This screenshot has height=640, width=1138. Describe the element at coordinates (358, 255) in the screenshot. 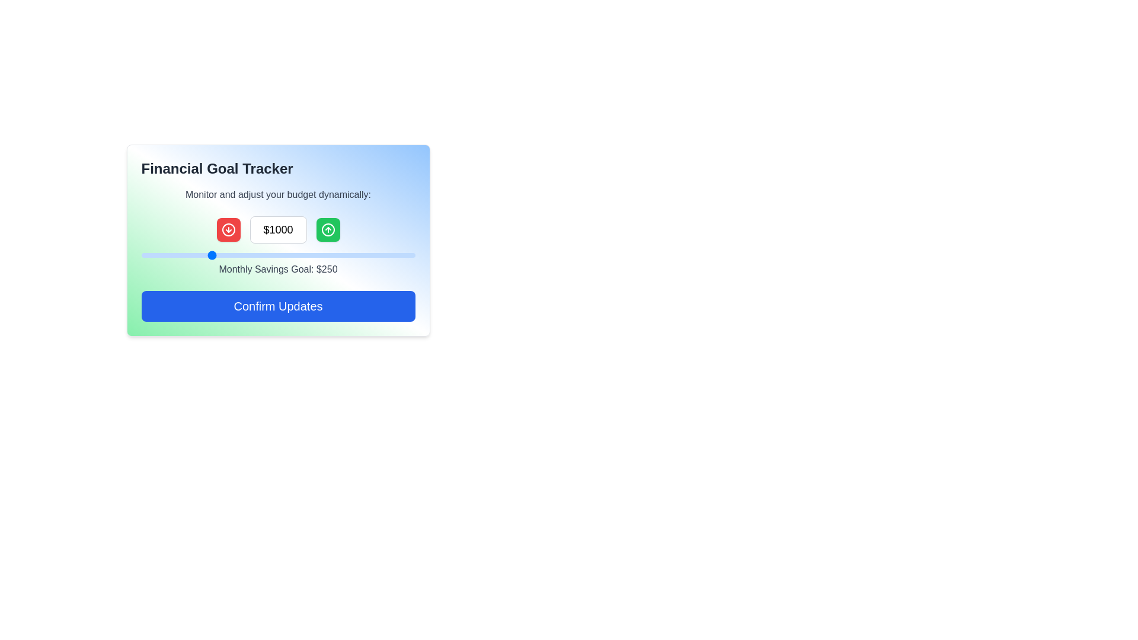

I see `the monthly savings goal` at that location.